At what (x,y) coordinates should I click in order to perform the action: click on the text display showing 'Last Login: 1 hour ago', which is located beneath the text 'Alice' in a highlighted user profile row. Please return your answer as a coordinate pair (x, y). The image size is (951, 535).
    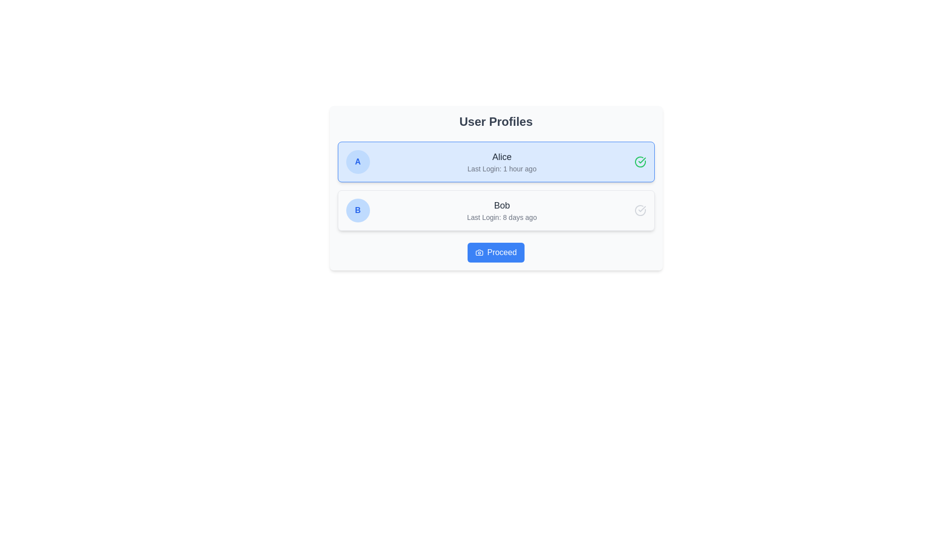
    Looking at the image, I should click on (502, 168).